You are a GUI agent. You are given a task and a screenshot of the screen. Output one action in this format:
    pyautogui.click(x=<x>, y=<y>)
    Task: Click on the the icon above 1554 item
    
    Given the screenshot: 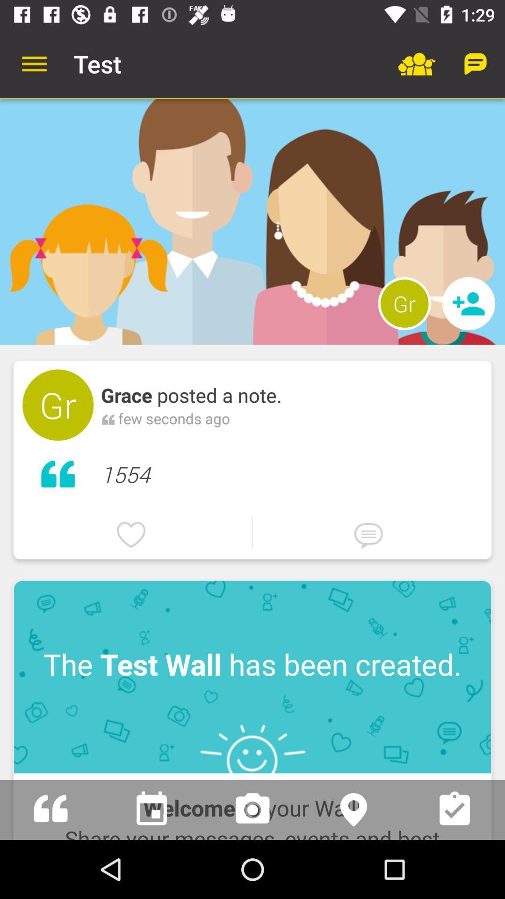 What is the action you would take?
    pyautogui.click(x=404, y=303)
    